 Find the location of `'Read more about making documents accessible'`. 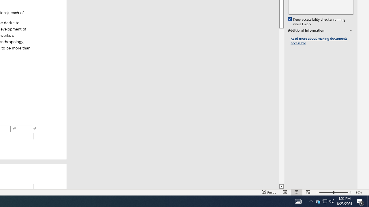

'Read more about making documents accessible' is located at coordinates (322, 41).